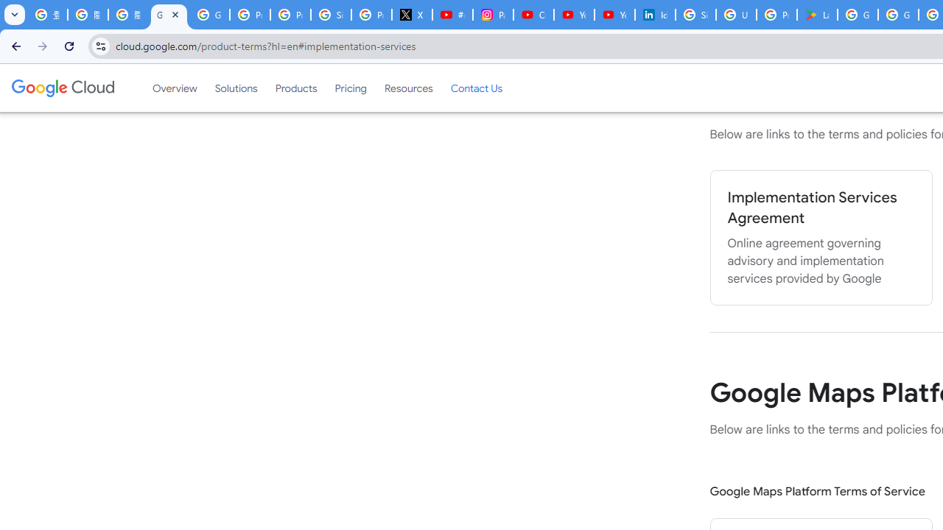  What do you see at coordinates (413, 15) in the screenshot?
I see `'X'` at bounding box center [413, 15].